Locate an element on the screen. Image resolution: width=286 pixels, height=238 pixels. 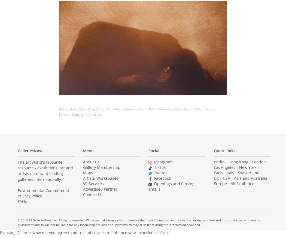
'Gallery Membership' is located at coordinates (101, 167).